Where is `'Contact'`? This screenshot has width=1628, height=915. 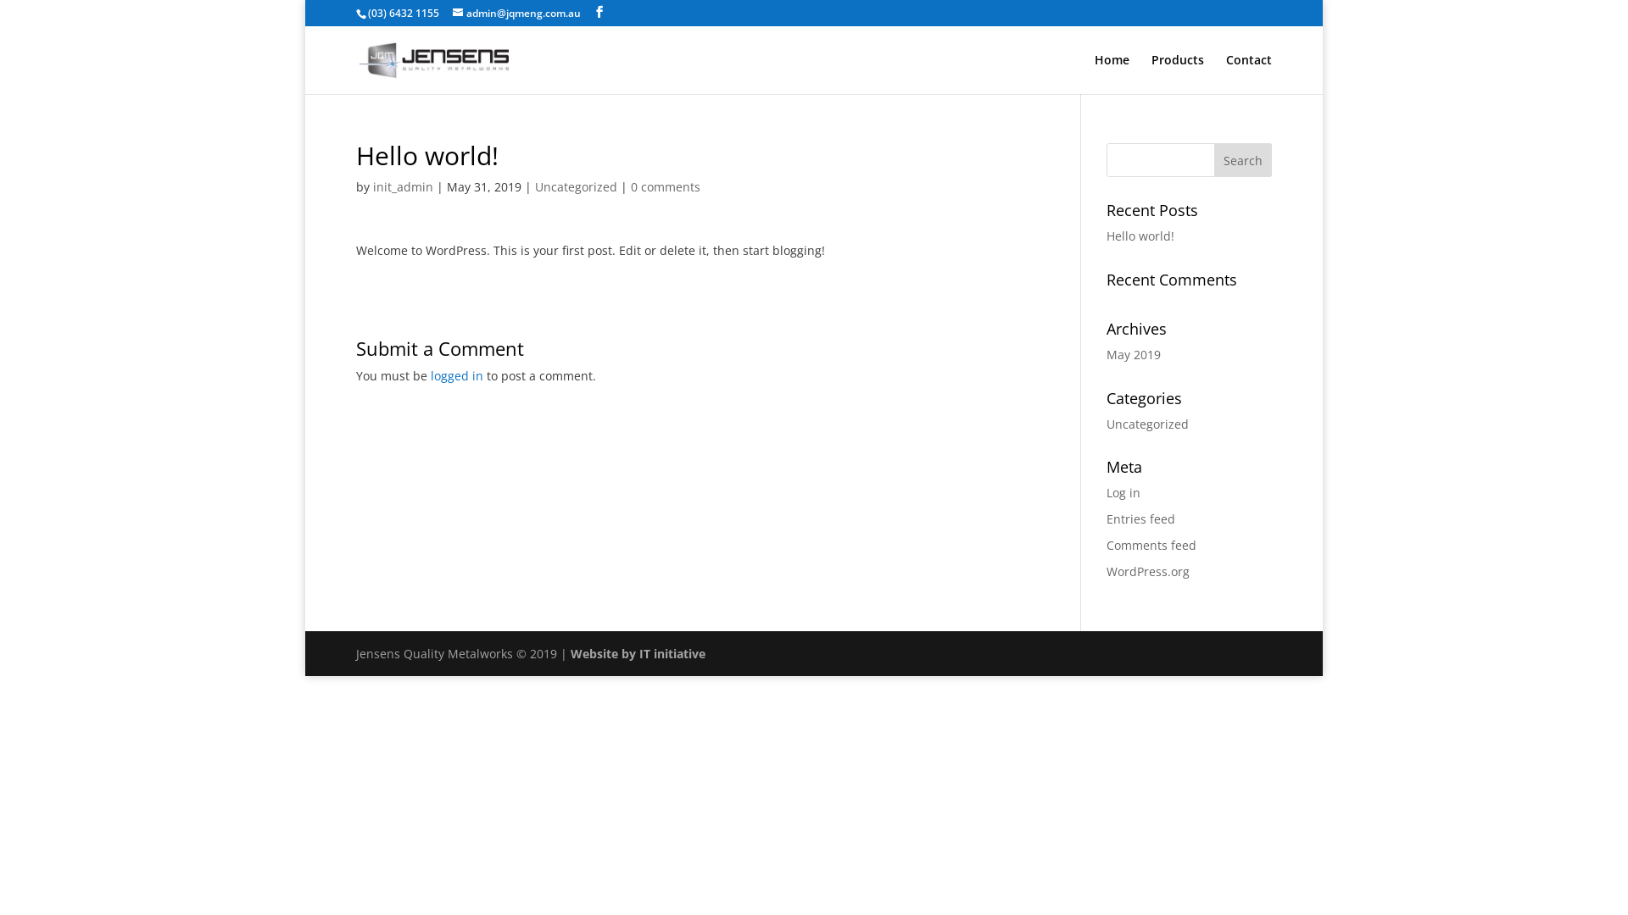 'Contact' is located at coordinates (1249, 73).